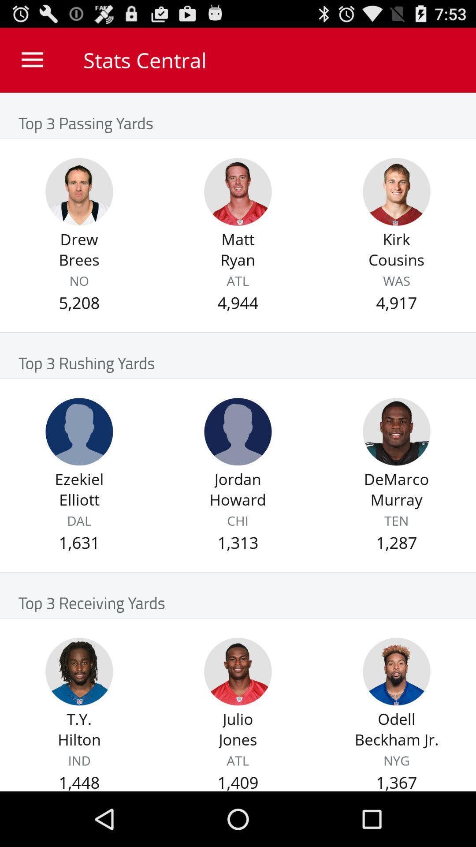 Image resolution: width=476 pixels, height=847 pixels. I want to click on julio jones profile, so click(238, 671).